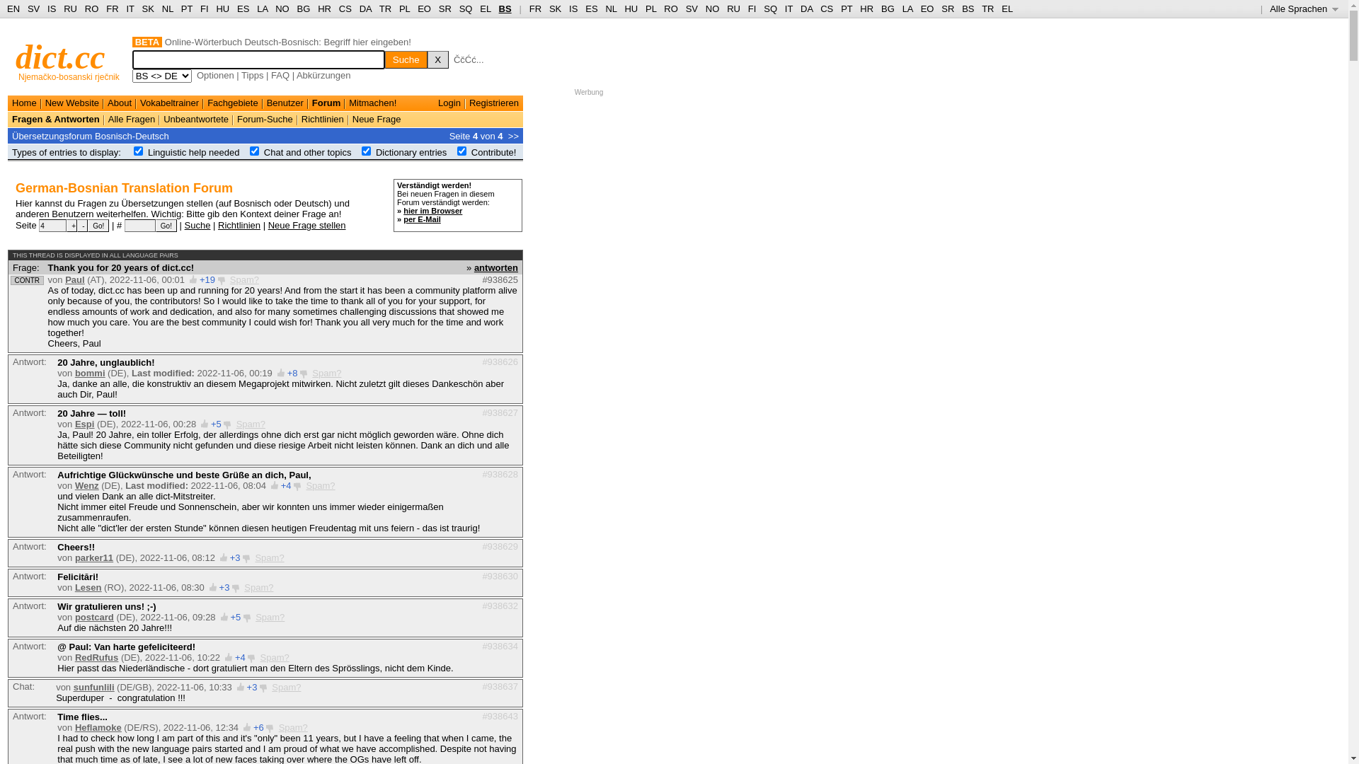 This screenshot has height=764, width=1359. Describe the element at coordinates (505, 8) in the screenshot. I see `'BS'` at that location.